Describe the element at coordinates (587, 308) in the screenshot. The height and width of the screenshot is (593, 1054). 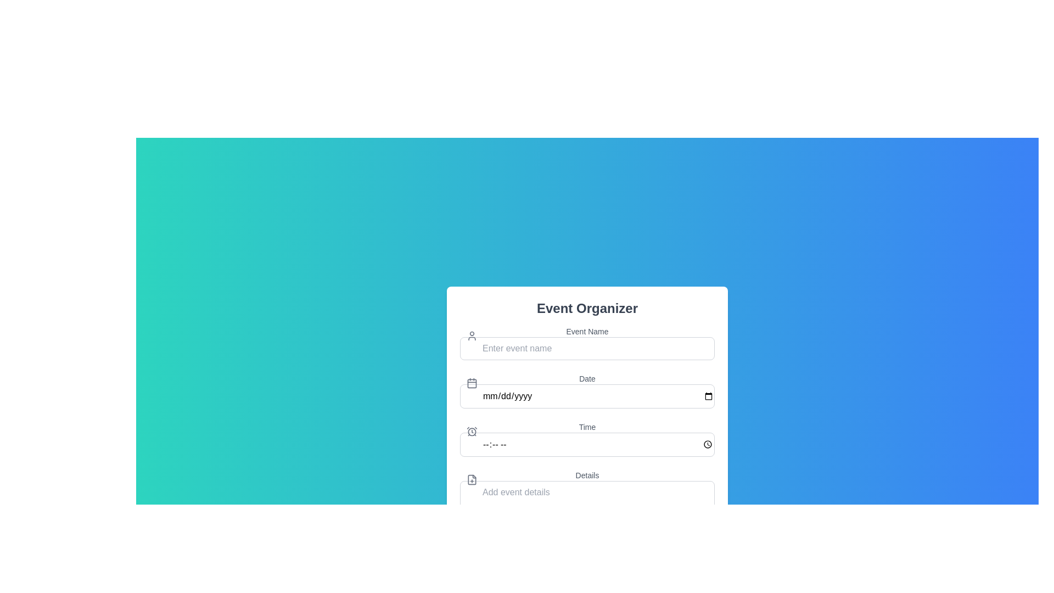
I see `the 'Event Organizer' text label, which is a bold header styled in a large font and prominently displayed at the top of the card-style interface` at that location.